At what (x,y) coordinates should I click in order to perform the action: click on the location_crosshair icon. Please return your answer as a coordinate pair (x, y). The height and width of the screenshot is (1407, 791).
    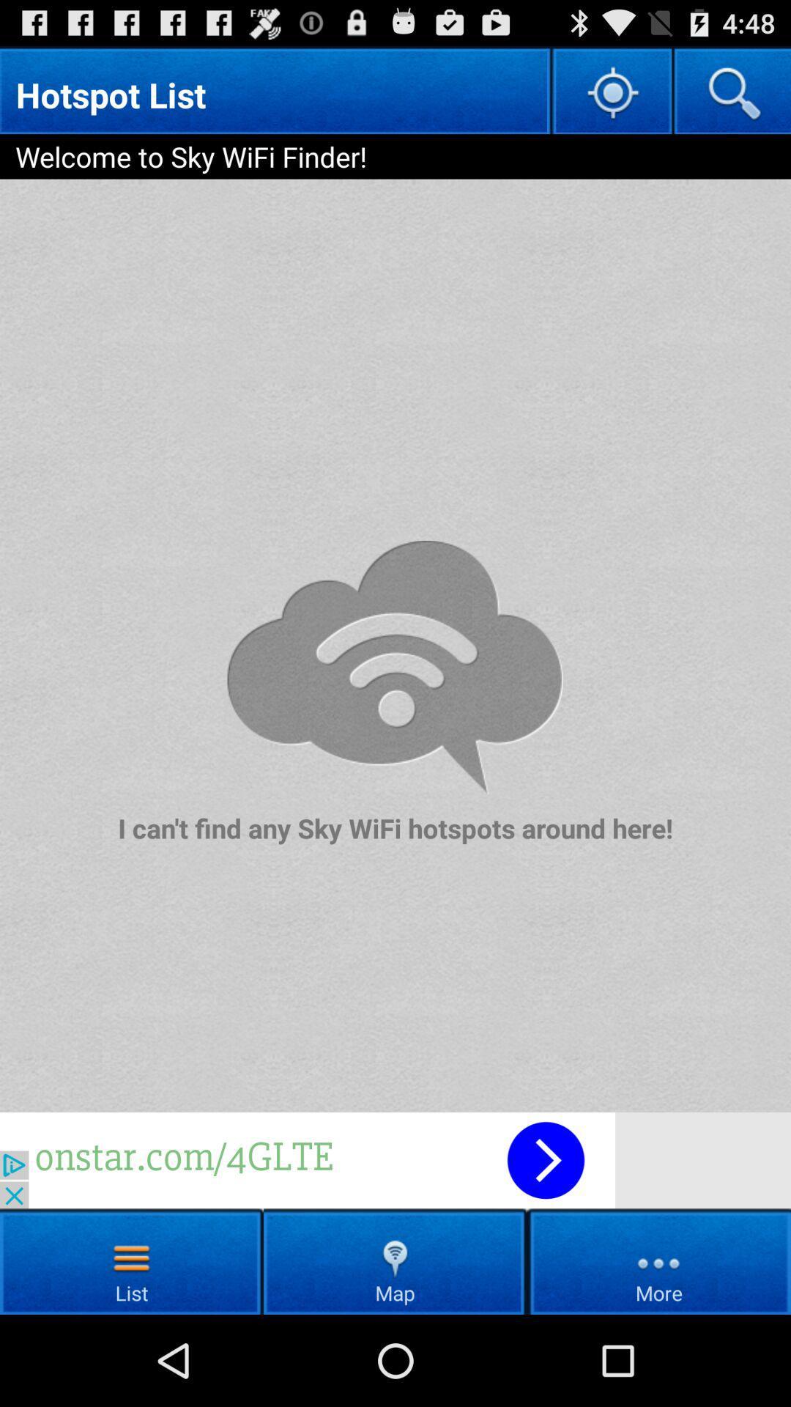
    Looking at the image, I should click on (611, 97).